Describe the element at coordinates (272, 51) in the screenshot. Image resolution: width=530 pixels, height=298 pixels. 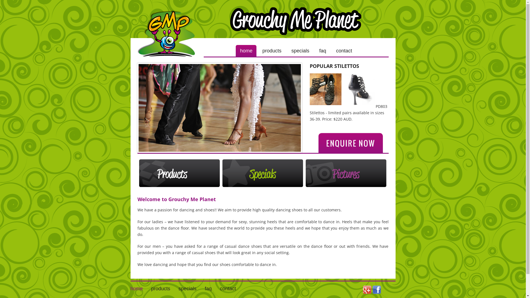
I see `'products'` at that location.